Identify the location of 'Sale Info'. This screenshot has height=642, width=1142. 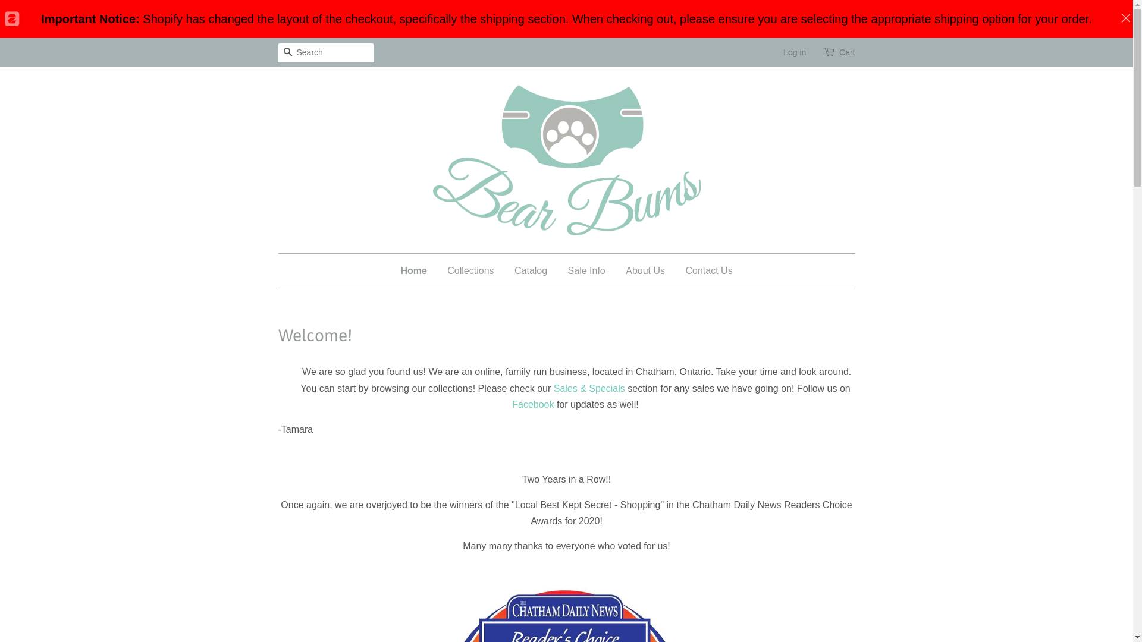
(586, 270).